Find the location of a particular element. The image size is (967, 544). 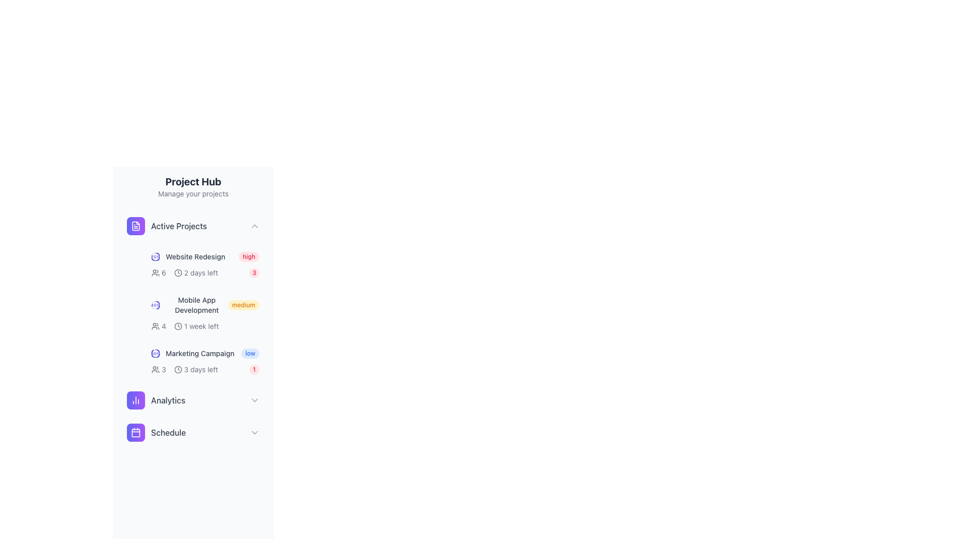

the project list item representing a project entry in the active projects list, positioned second, between 'Website Redesign' and 'Marketing Campaign' is located at coordinates (205, 312).